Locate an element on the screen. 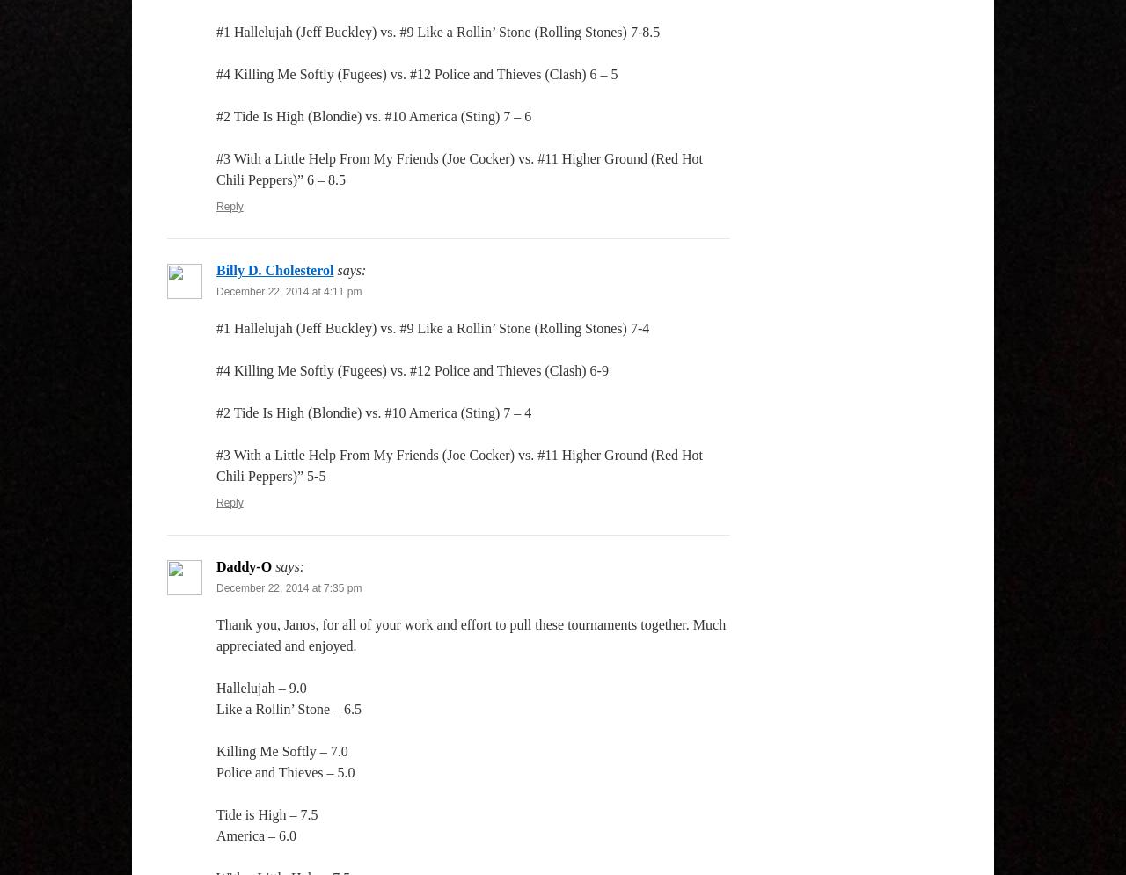 Image resolution: width=1126 pixels, height=875 pixels. 'Thank you, Janos, for all of your work and effort to pull these tournaments together.  Much appreciated and enjoyed.' is located at coordinates (471, 635).